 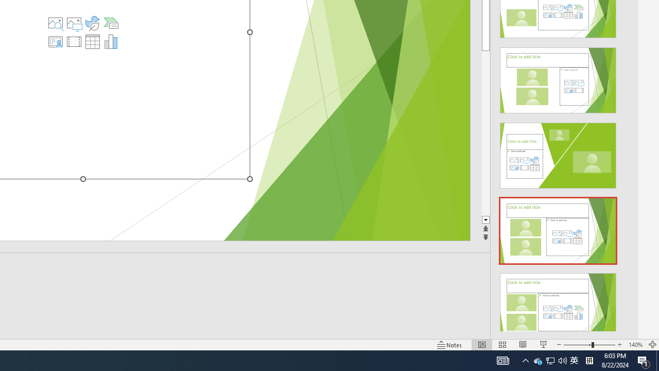 What do you see at coordinates (55, 23) in the screenshot?
I see `'Stock Images'` at bounding box center [55, 23].